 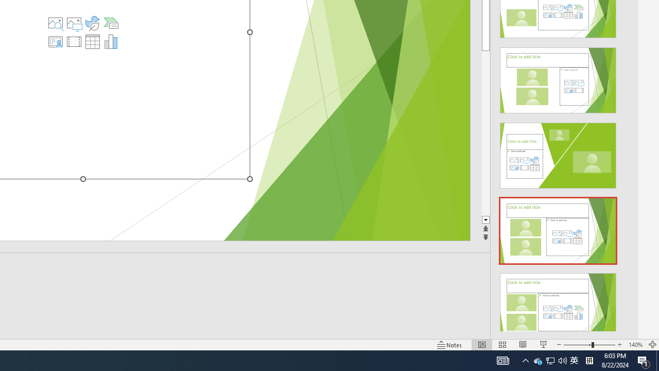 What do you see at coordinates (55, 23) in the screenshot?
I see `'Stock Images'` at bounding box center [55, 23].